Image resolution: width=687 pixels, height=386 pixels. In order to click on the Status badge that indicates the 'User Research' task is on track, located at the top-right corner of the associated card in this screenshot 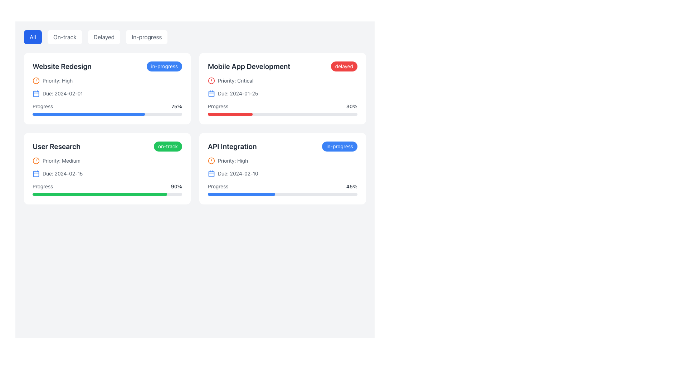, I will do `click(167, 146)`.